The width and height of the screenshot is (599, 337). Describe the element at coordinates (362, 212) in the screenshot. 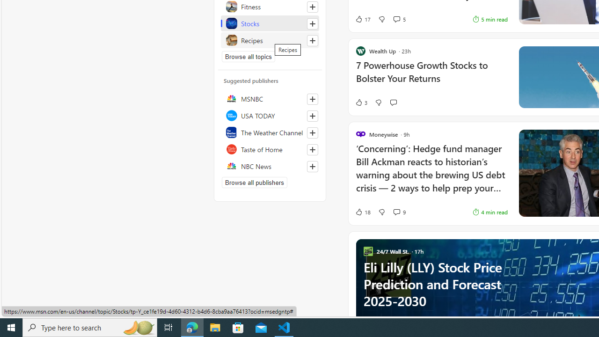

I see `'18 Like'` at that location.